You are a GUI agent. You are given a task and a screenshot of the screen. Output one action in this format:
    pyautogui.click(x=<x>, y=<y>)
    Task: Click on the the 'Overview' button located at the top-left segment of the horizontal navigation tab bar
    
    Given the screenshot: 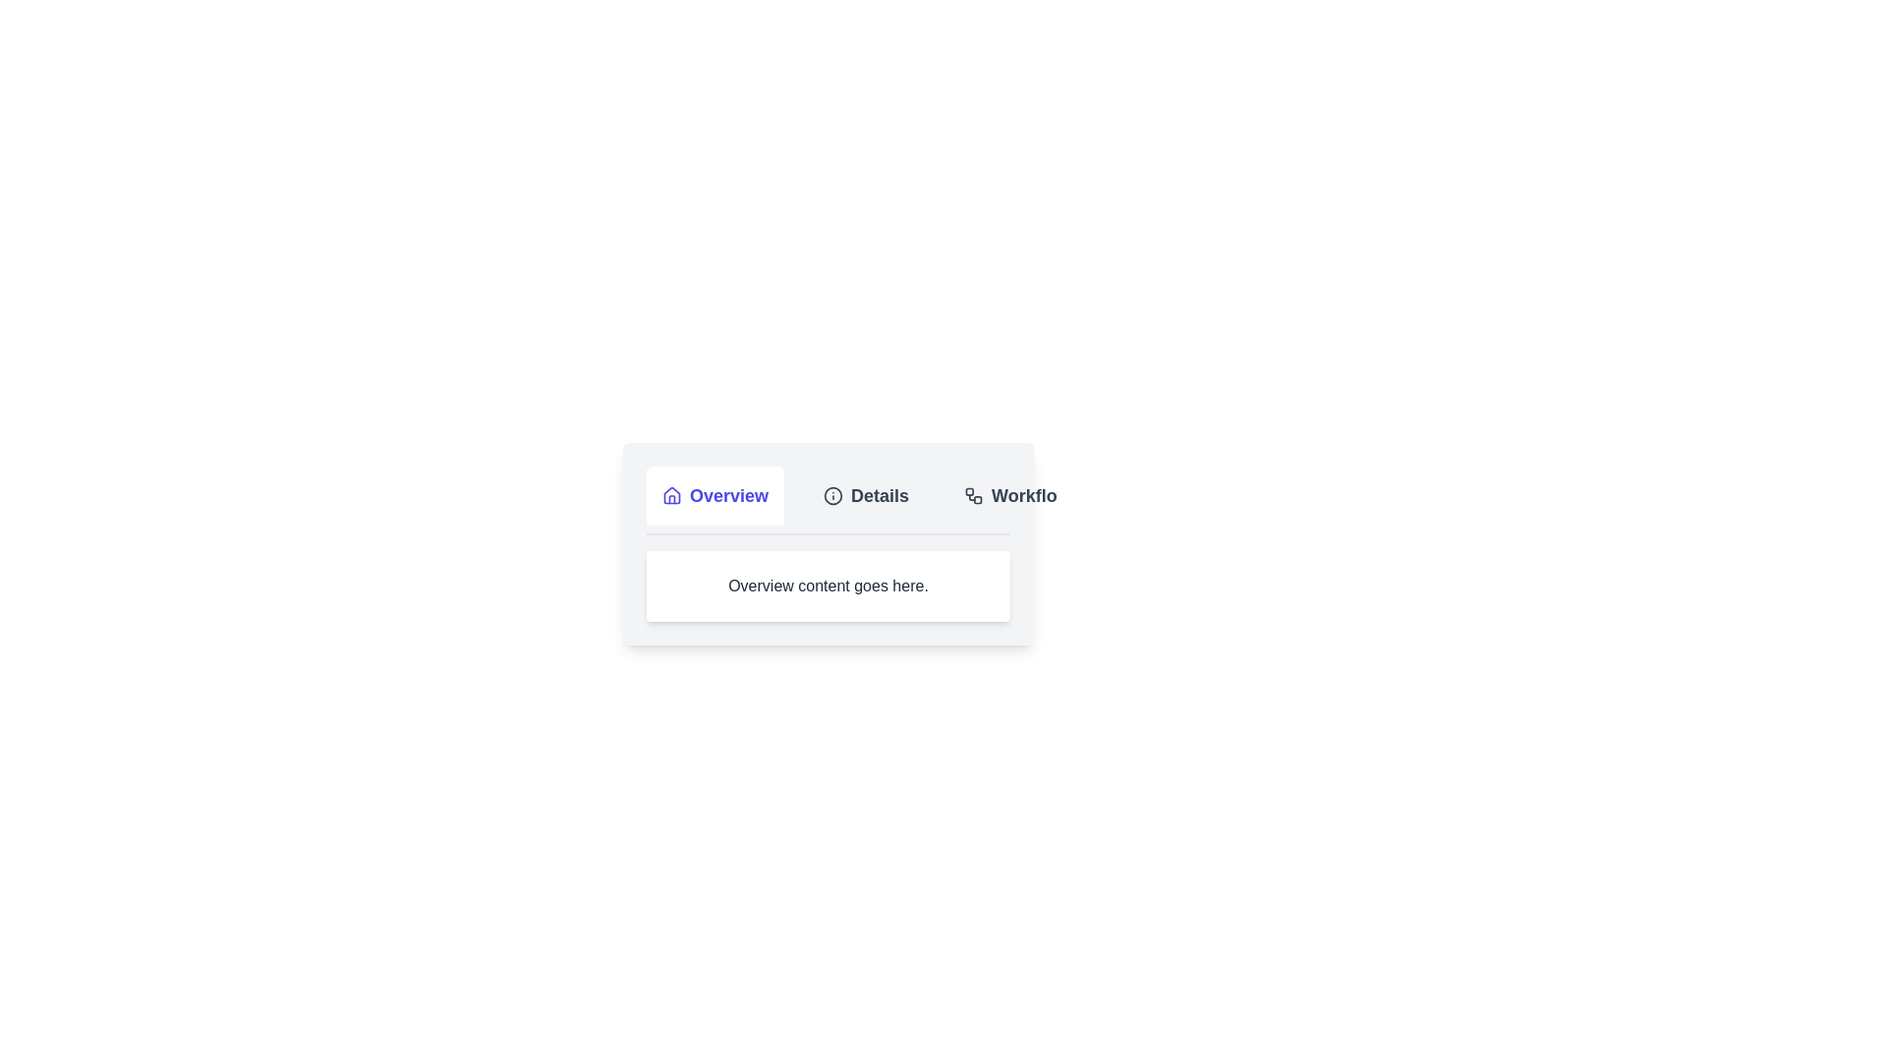 What is the action you would take?
    pyautogui.click(x=715, y=495)
    